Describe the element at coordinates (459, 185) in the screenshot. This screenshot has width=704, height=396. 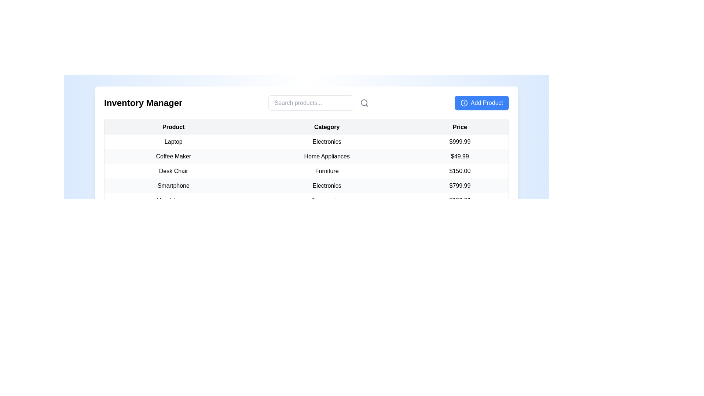
I see `the text label displaying the price '$799.99', which is aligned to the rightmost third column of the table under the 'Price' heading` at that location.